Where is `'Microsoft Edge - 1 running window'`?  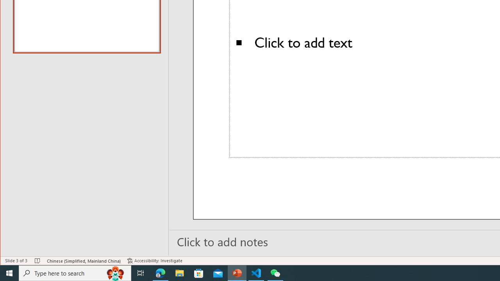 'Microsoft Edge - 1 running window' is located at coordinates (160, 272).